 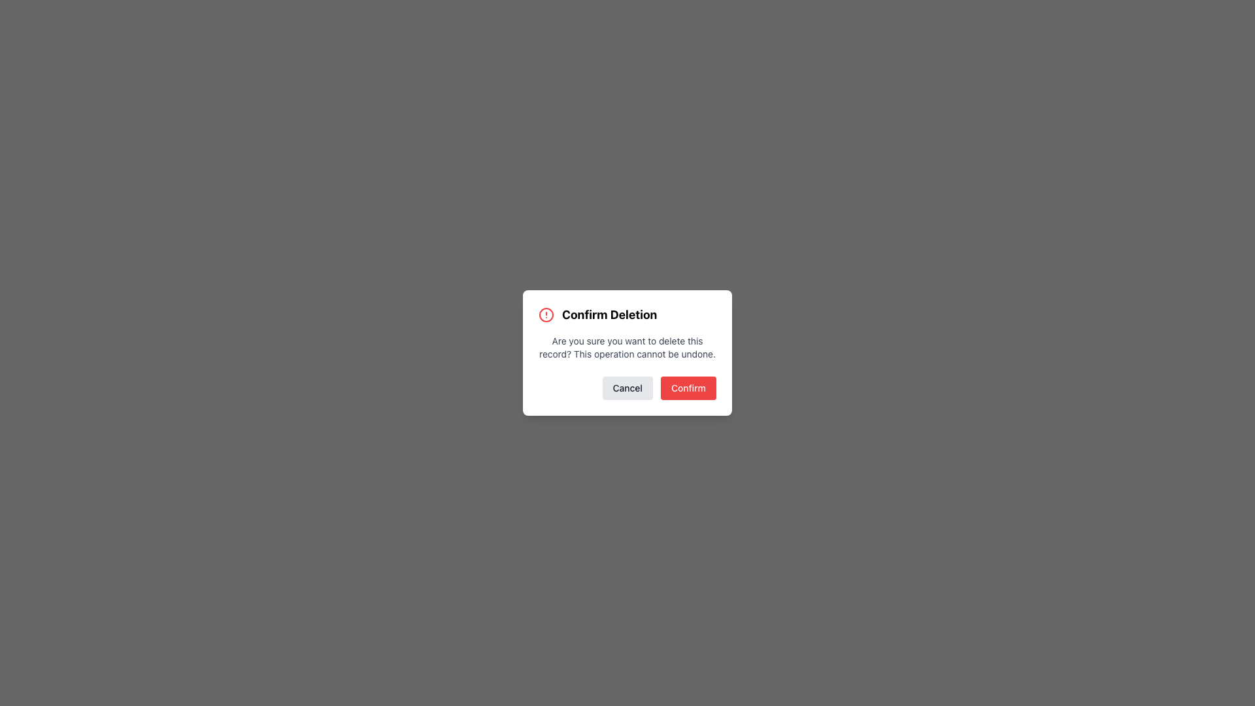 I want to click on the red circular alert icon with a vertical exclamation line, which signifies an error or warning, positioned to the left of the 'Confirm Deletion' text inside a modal window, so click(x=546, y=315).